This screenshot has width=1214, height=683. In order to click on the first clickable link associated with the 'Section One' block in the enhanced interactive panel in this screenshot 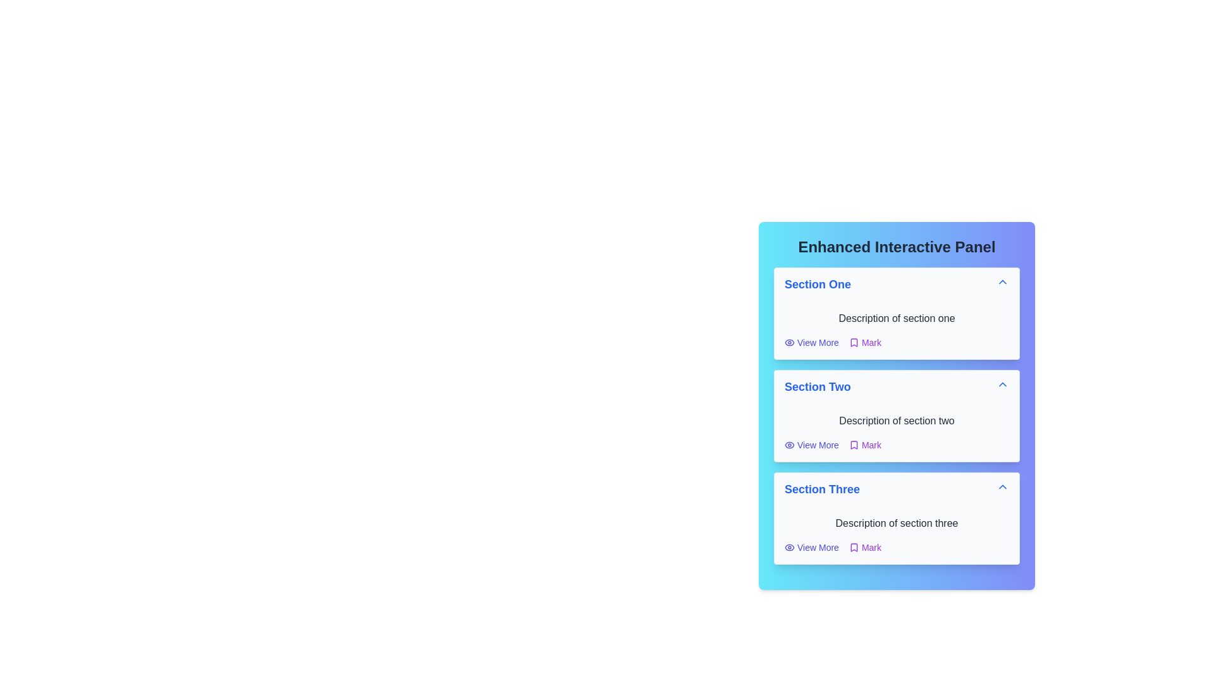, I will do `click(811, 343)`.